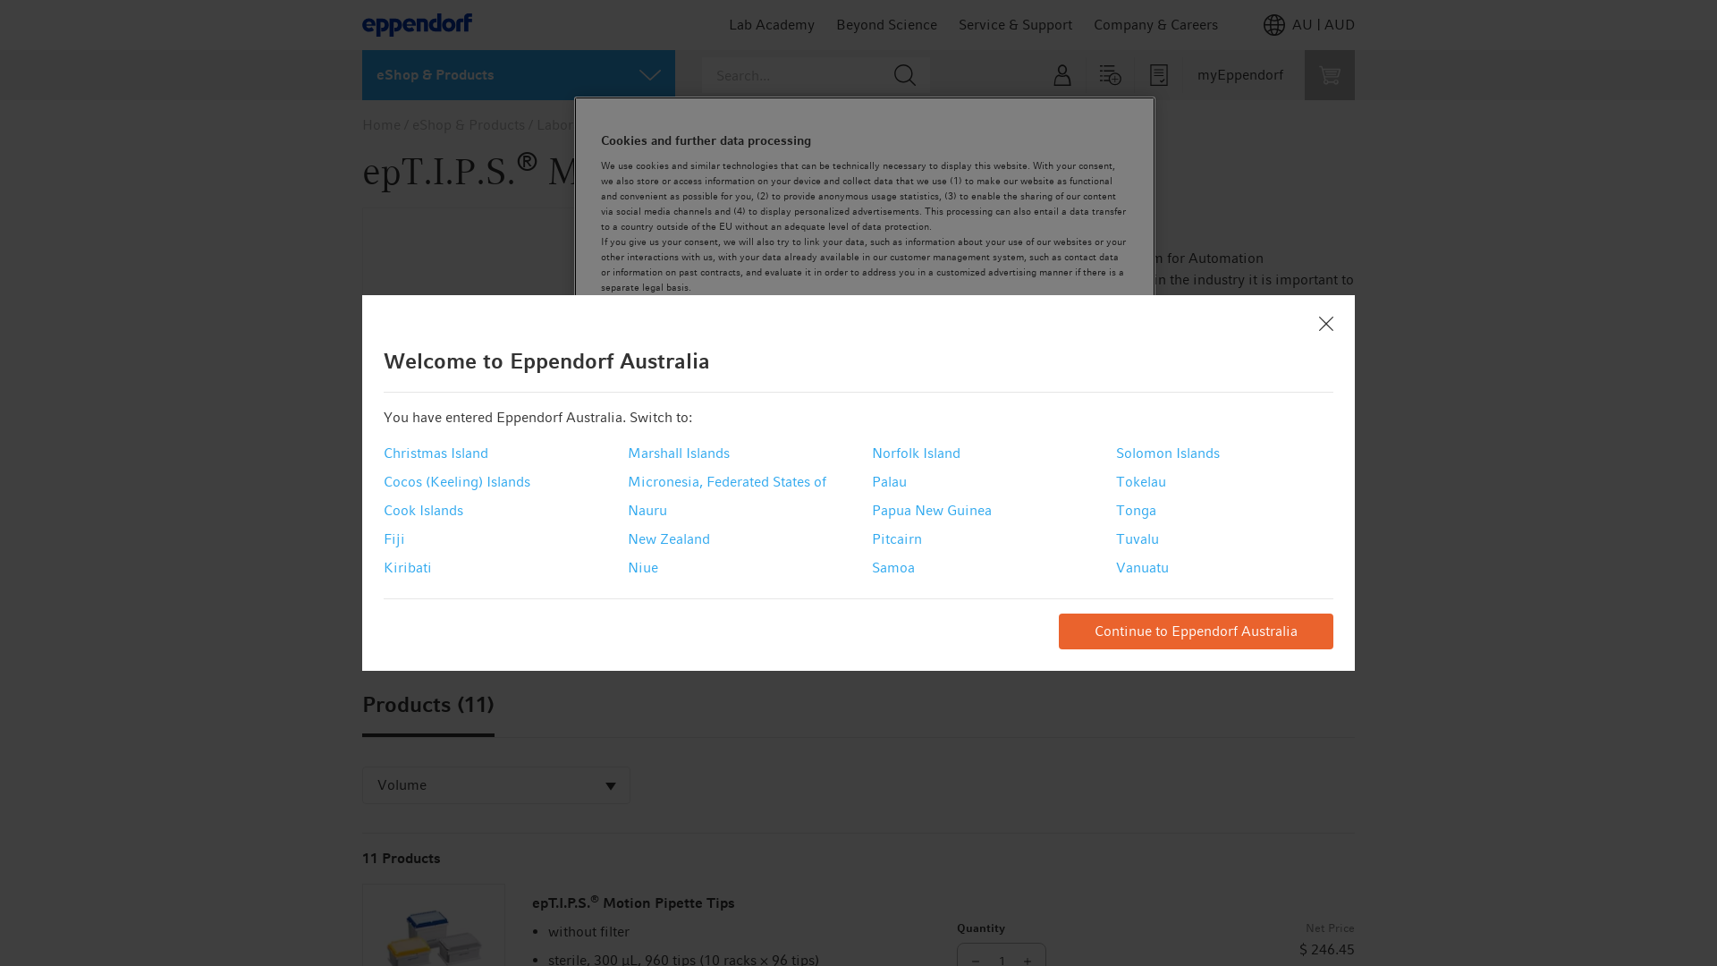  Describe the element at coordinates (668, 538) in the screenshot. I see `'New Zealand'` at that location.